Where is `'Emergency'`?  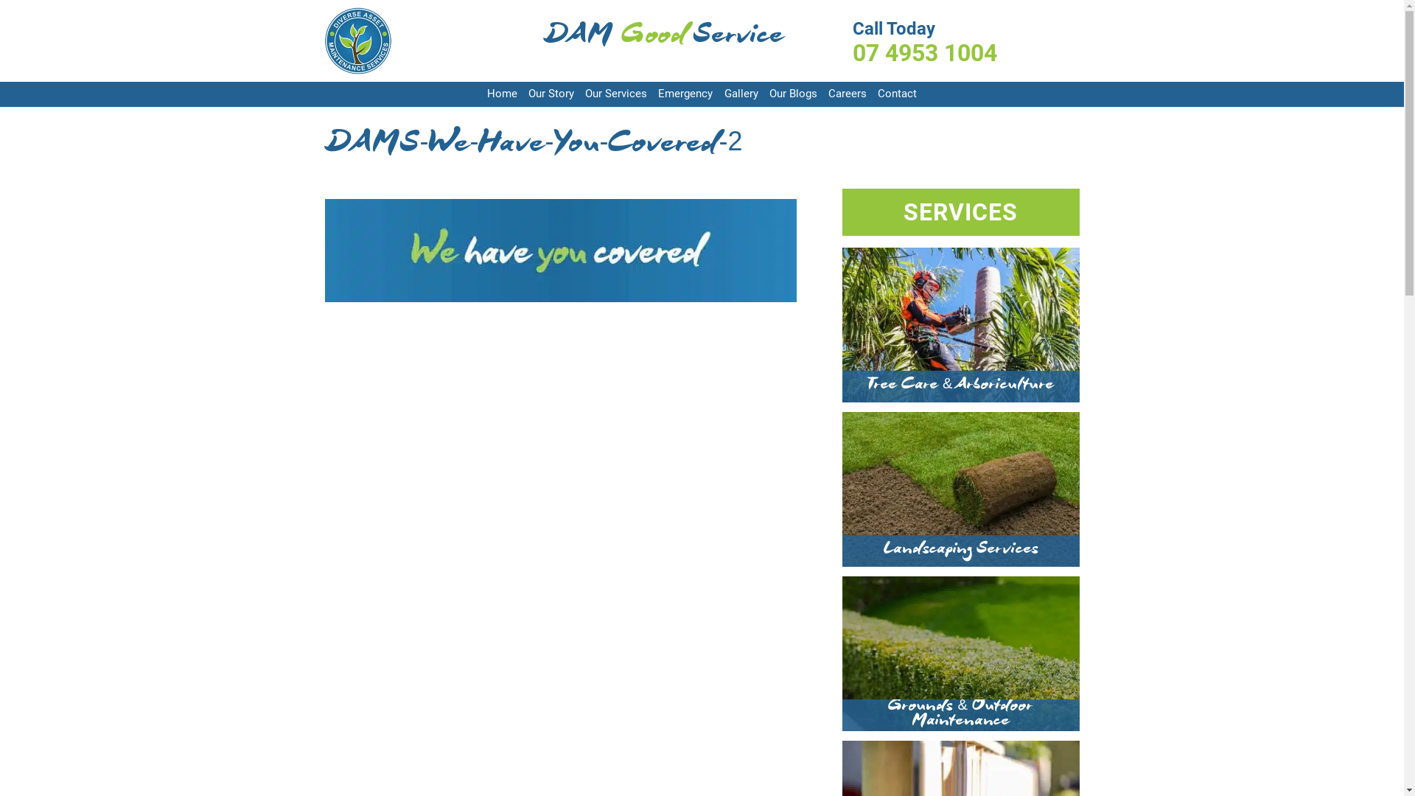 'Emergency' is located at coordinates (685, 94).